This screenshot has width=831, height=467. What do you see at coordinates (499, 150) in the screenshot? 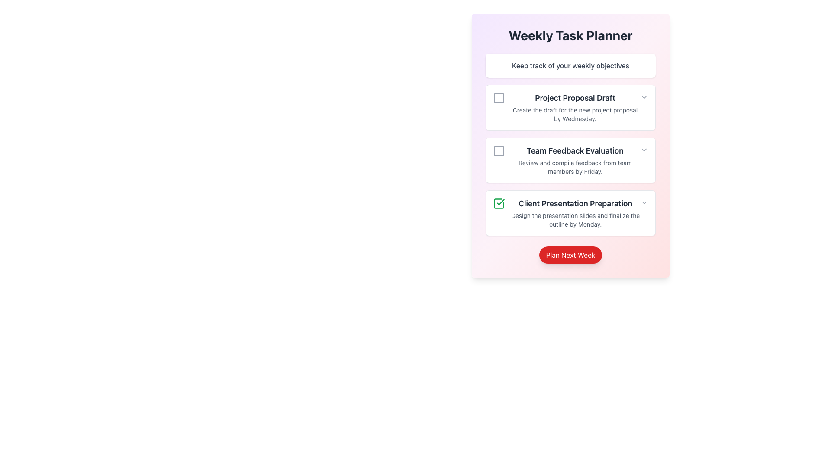
I see `the checkbox located to the left of the text 'Team Feedback Evaluation' in the 'Weekly Task Planner' section to check or uncheck it` at bounding box center [499, 150].